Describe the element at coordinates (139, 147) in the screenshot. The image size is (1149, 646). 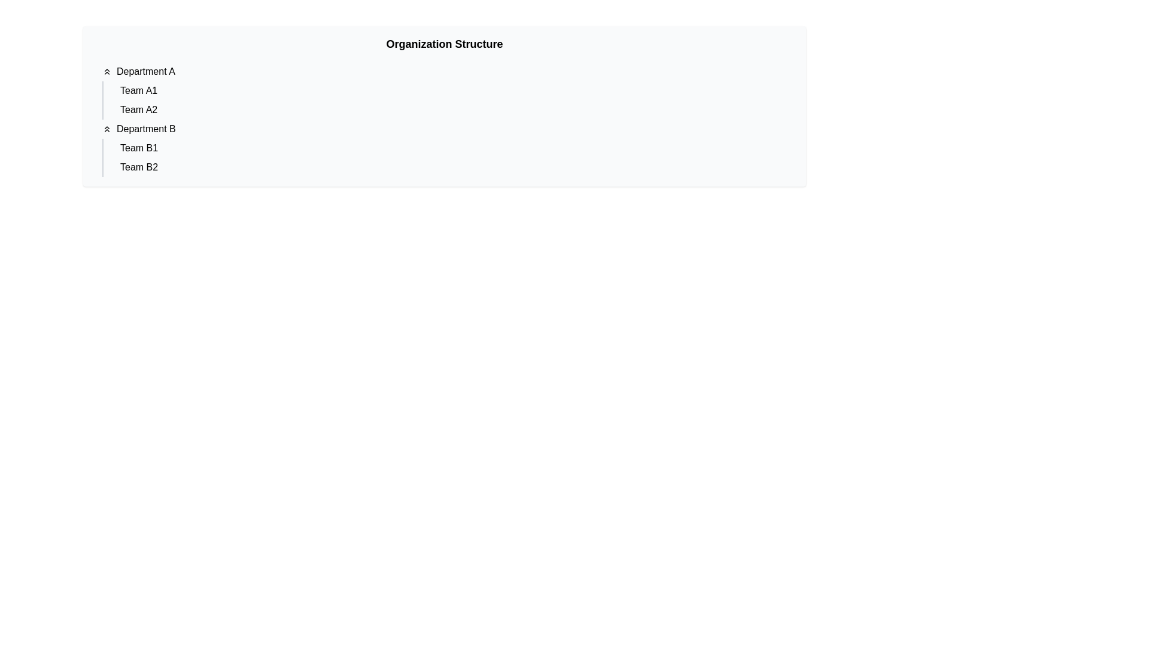
I see `the text label displaying 'Team B1' which is located directly below the header 'Department B' and above 'Team B2'` at that location.